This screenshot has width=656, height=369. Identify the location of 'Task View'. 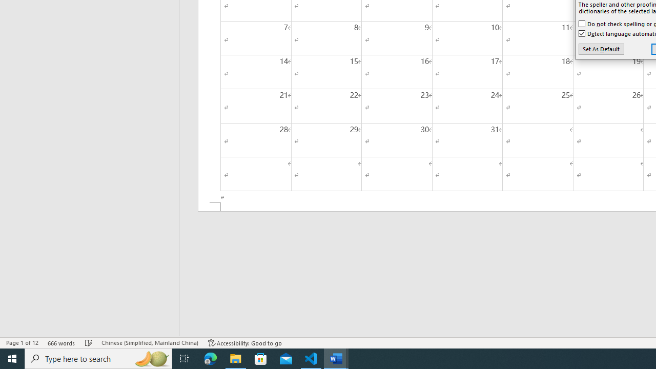
(184, 358).